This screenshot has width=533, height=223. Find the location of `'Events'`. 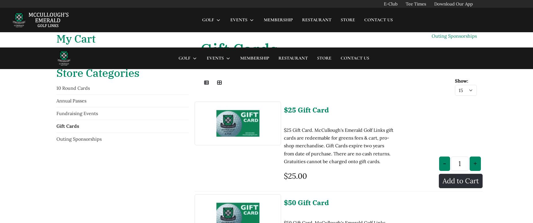

'Events' is located at coordinates (215, 10).